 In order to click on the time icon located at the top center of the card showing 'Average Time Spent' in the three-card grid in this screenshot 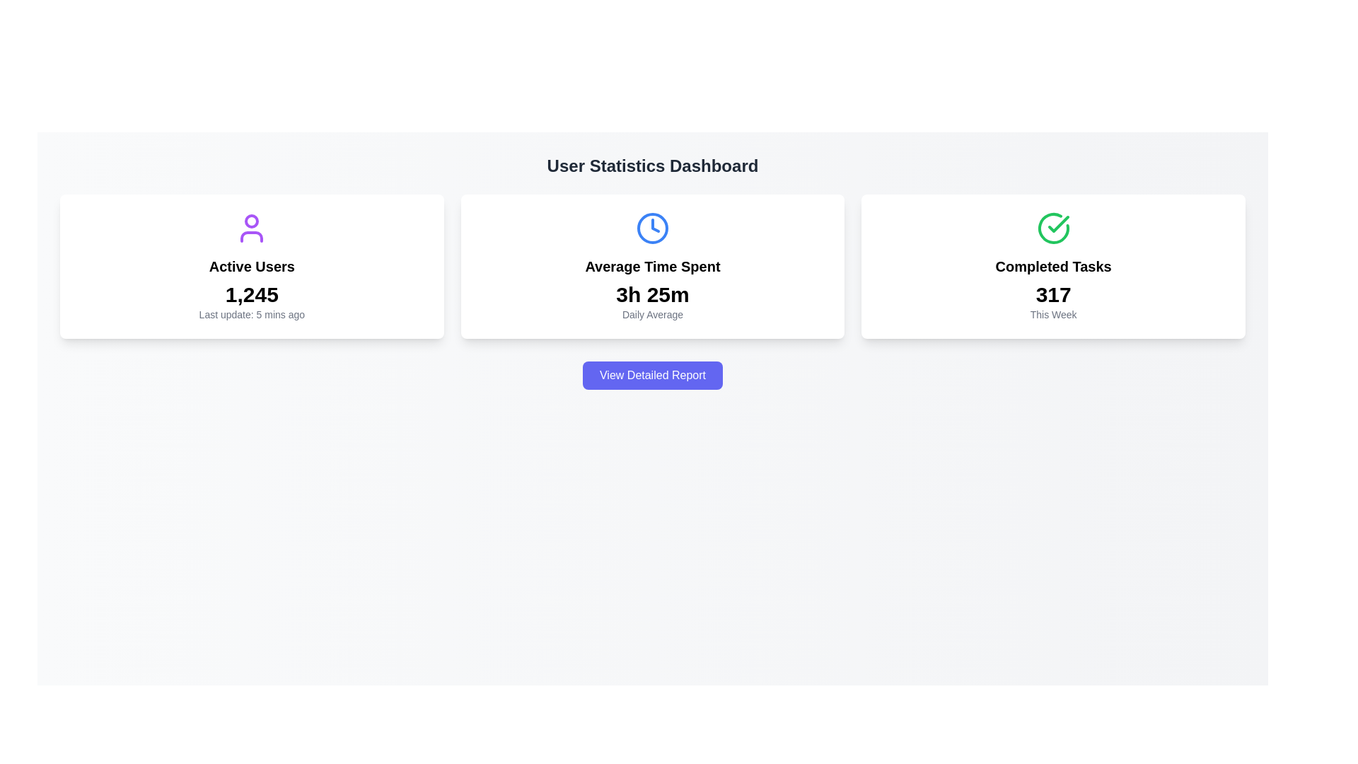, I will do `click(651, 228)`.